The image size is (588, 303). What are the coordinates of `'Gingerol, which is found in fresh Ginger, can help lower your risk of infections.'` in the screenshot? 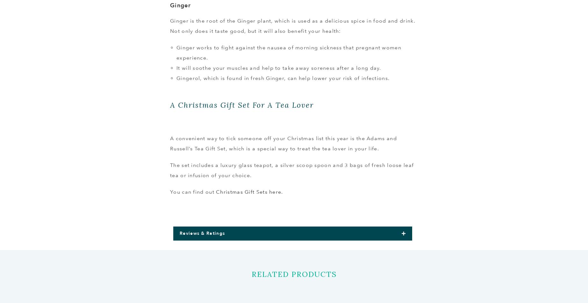 It's located at (283, 78).